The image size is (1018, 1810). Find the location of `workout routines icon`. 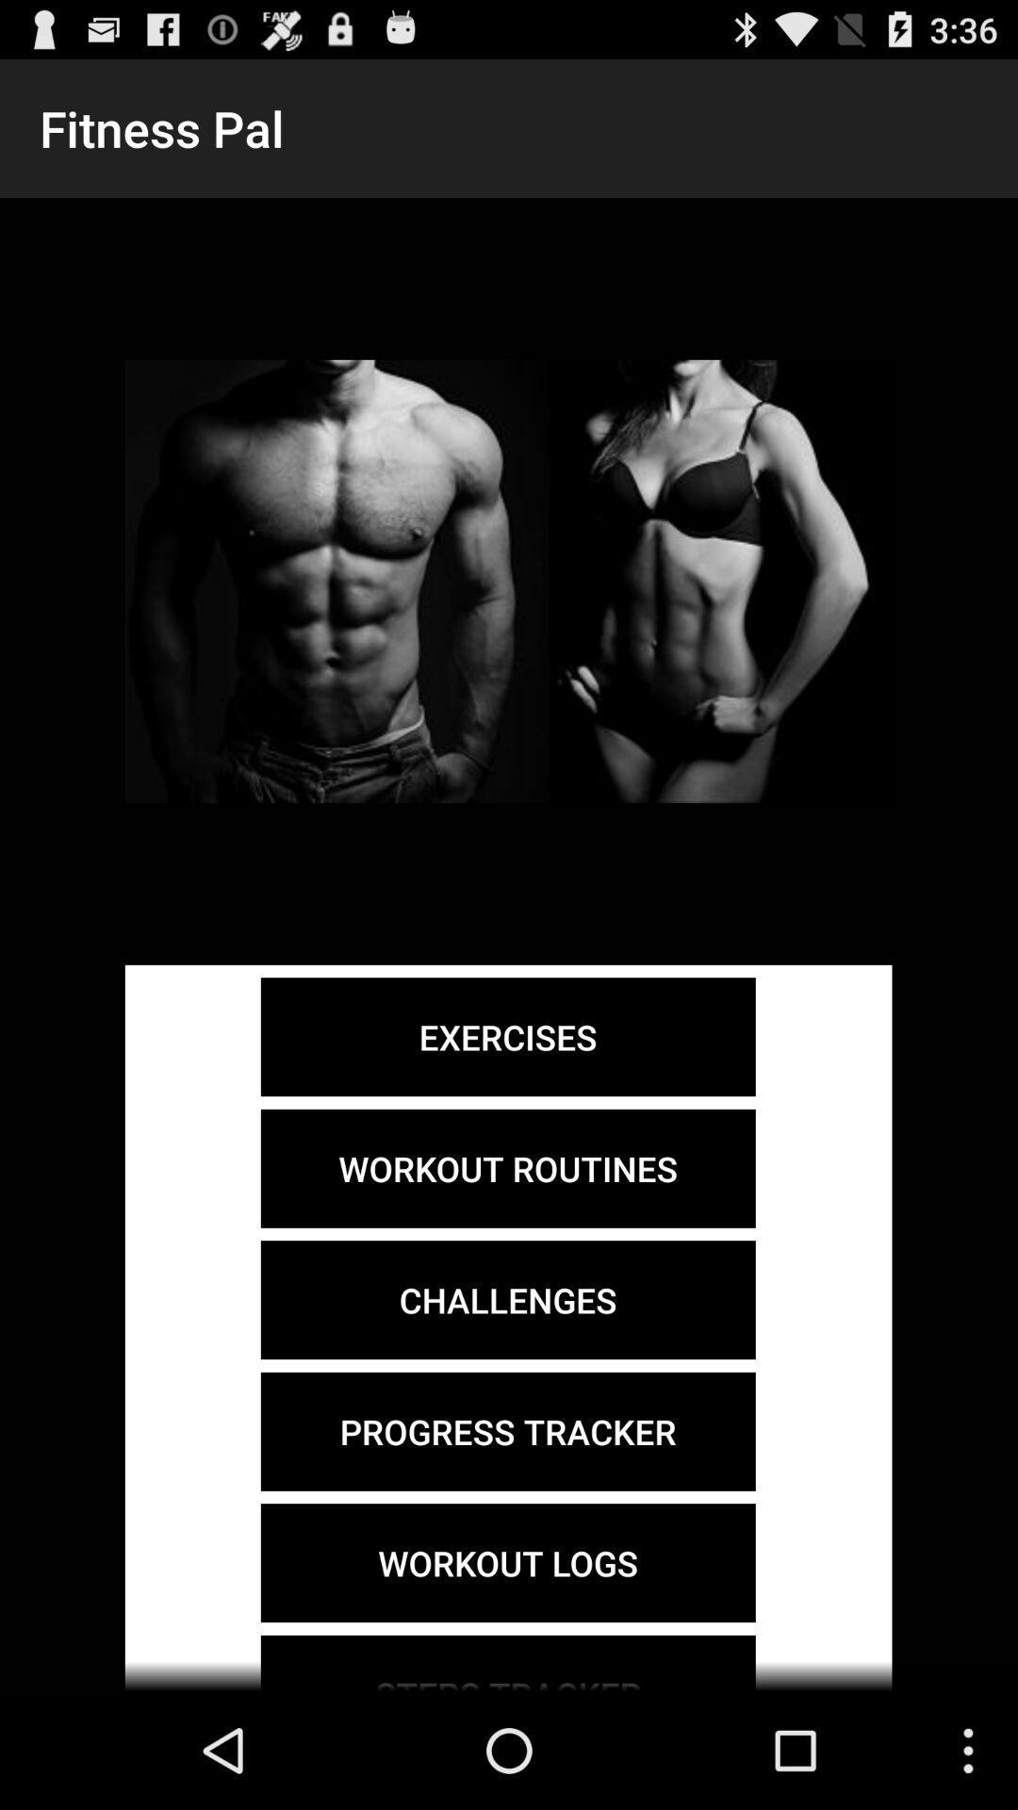

workout routines icon is located at coordinates (507, 1167).